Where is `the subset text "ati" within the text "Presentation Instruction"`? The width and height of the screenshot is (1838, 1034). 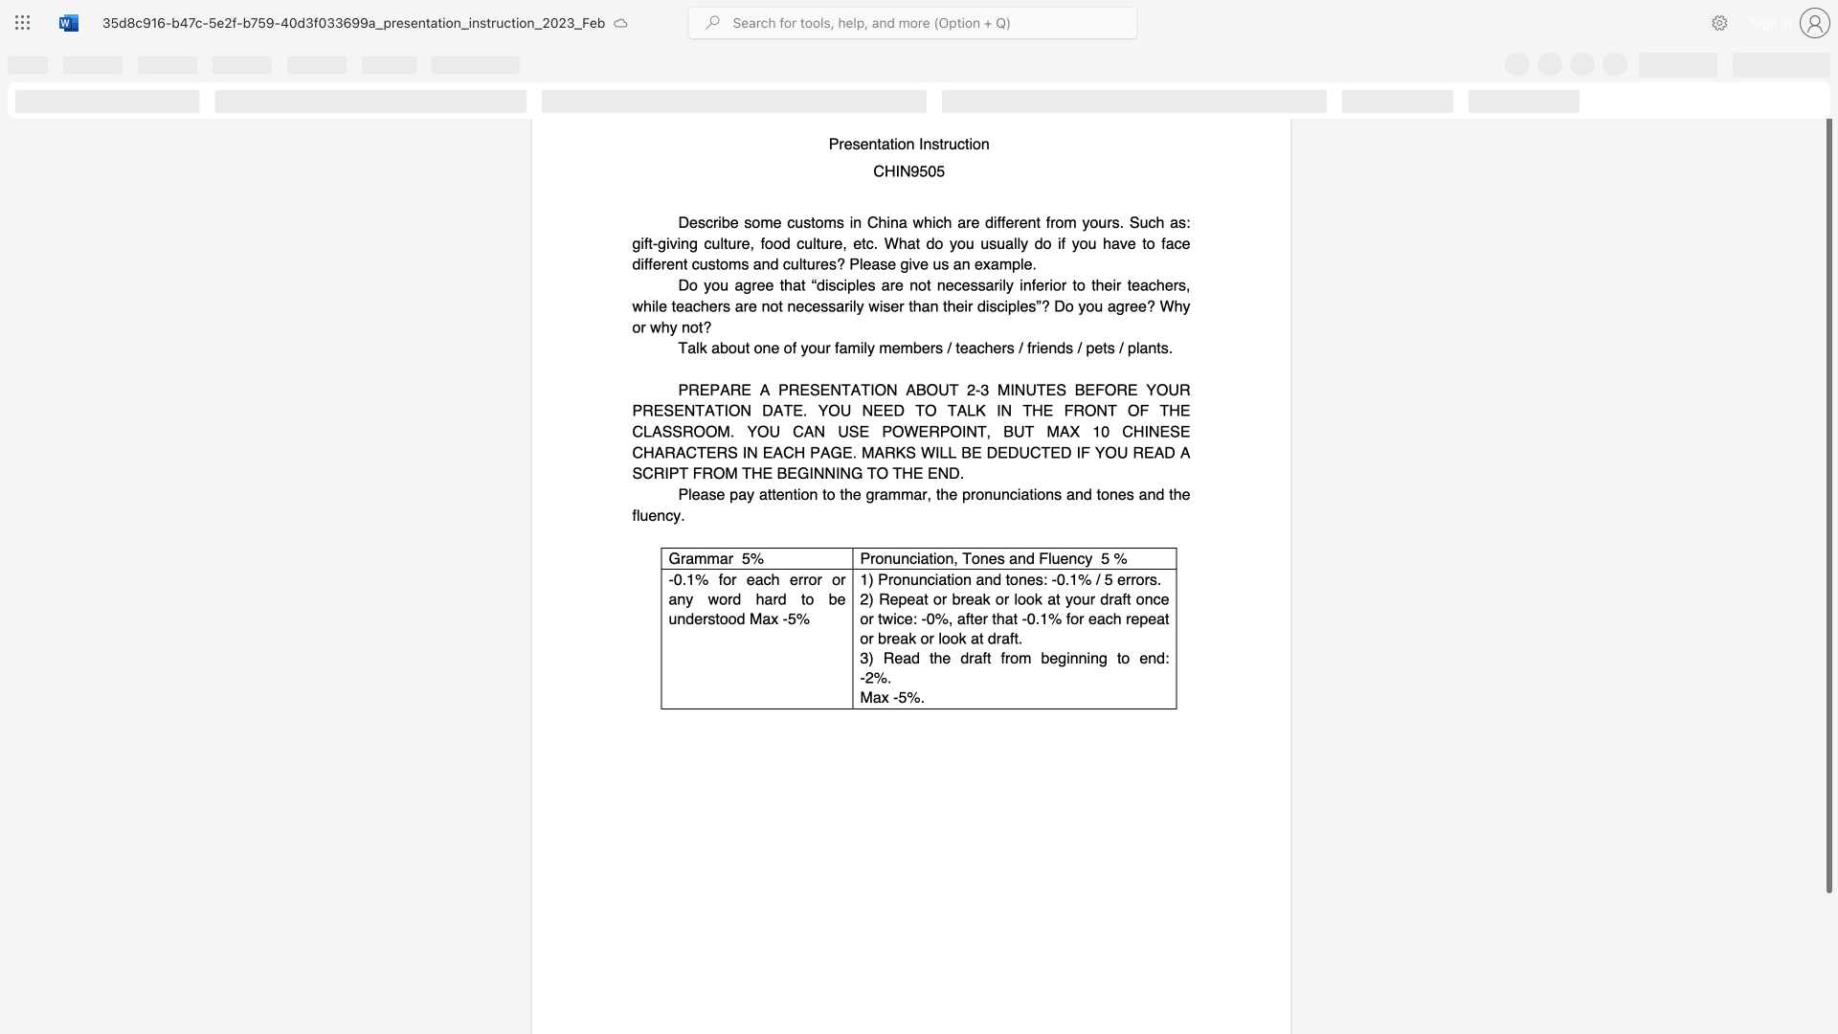
the subset text "ati" within the text "Presentation Instruction" is located at coordinates (880, 143).